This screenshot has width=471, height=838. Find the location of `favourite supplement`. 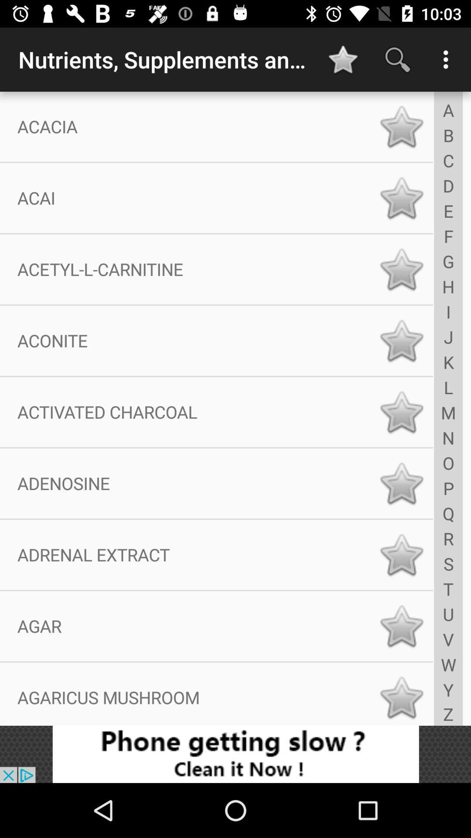

favourite supplement is located at coordinates (401, 269).